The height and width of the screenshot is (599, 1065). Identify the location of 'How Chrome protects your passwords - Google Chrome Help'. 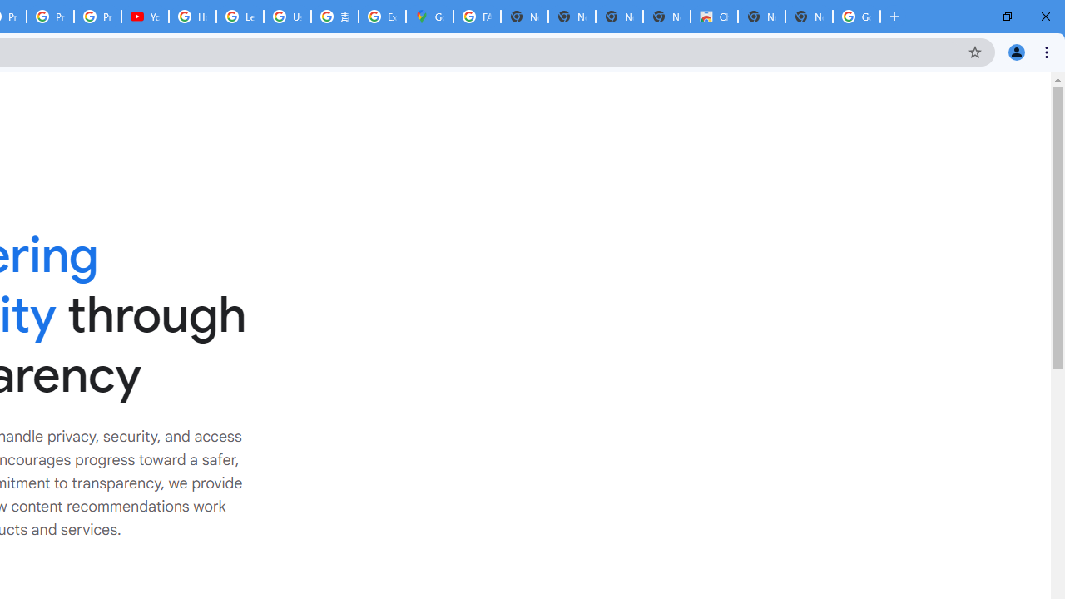
(192, 17).